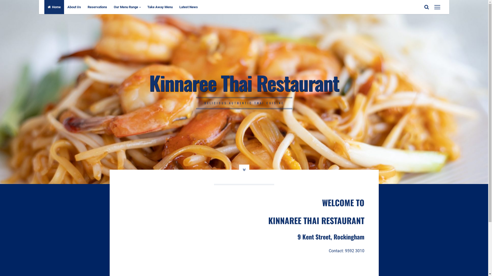 This screenshot has height=276, width=492. Describe the element at coordinates (149, 82) in the screenshot. I see `'Kinnaree Thai Restaurant'` at that location.